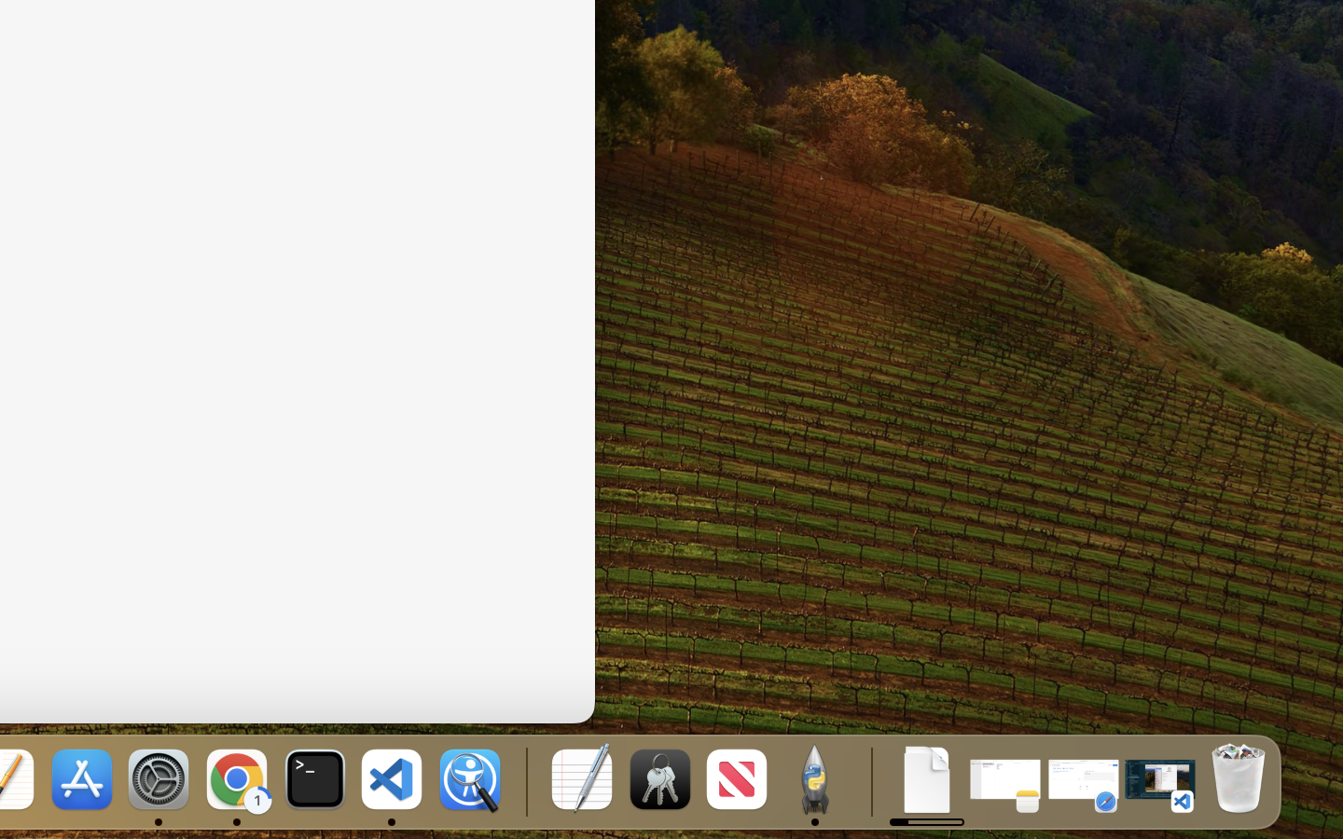 Image resolution: width=1343 pixels, height=839 pixels. What do you see at coordinates (524, 780) in the screenshot?
I see `'0.4285714328289032'` at bounding box center [524, 780].